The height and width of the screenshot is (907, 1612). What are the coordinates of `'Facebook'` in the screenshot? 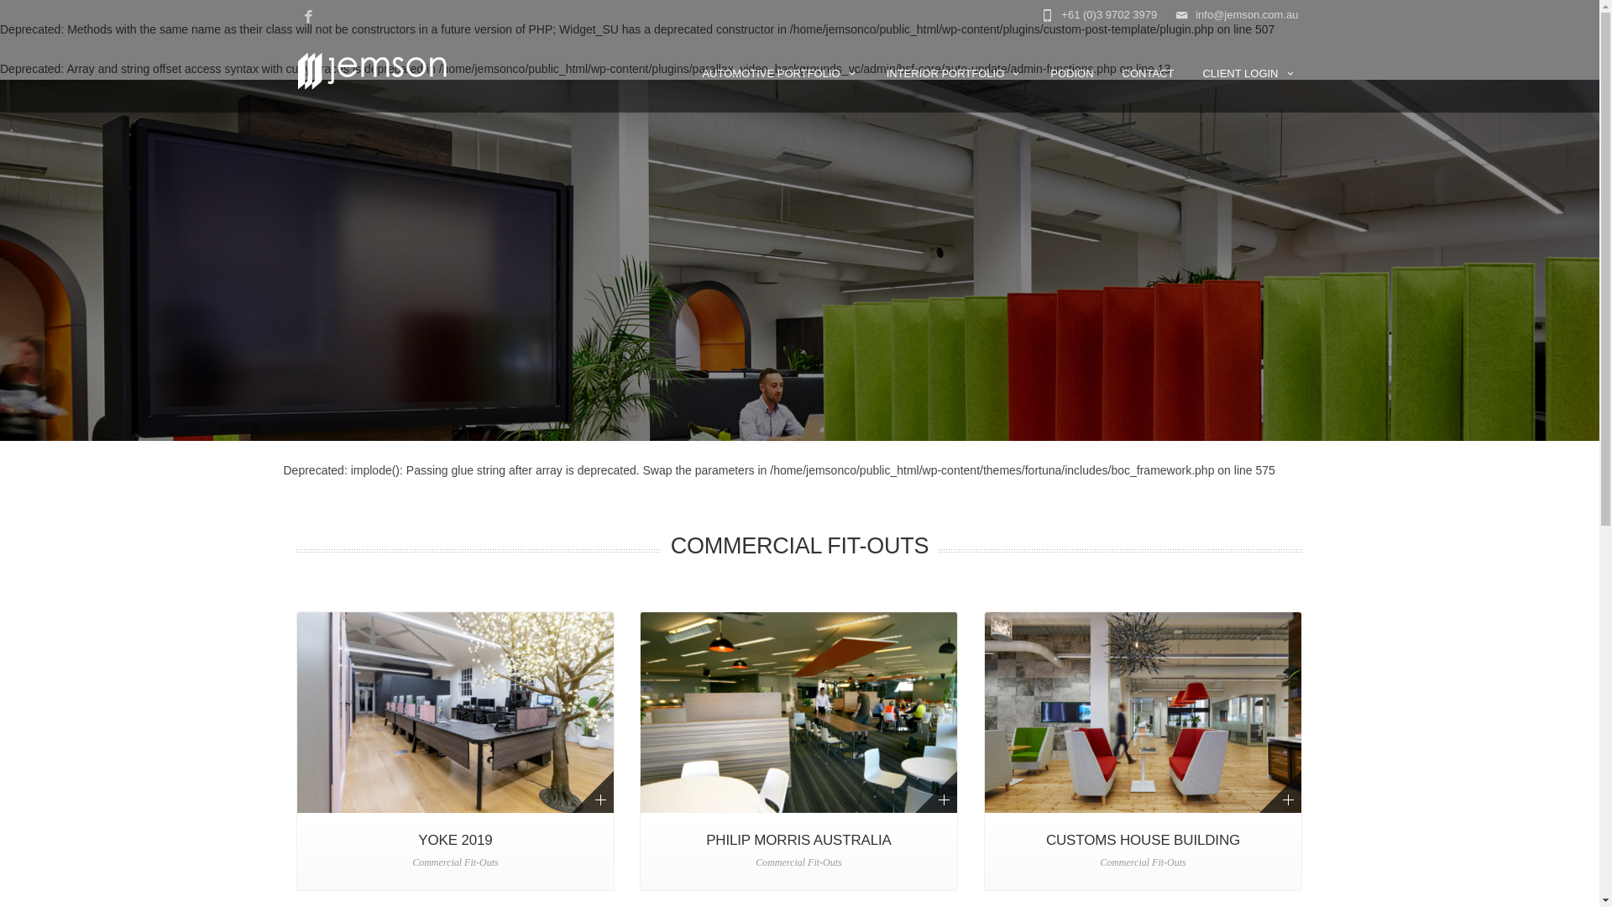 It's located at (1289, 879).